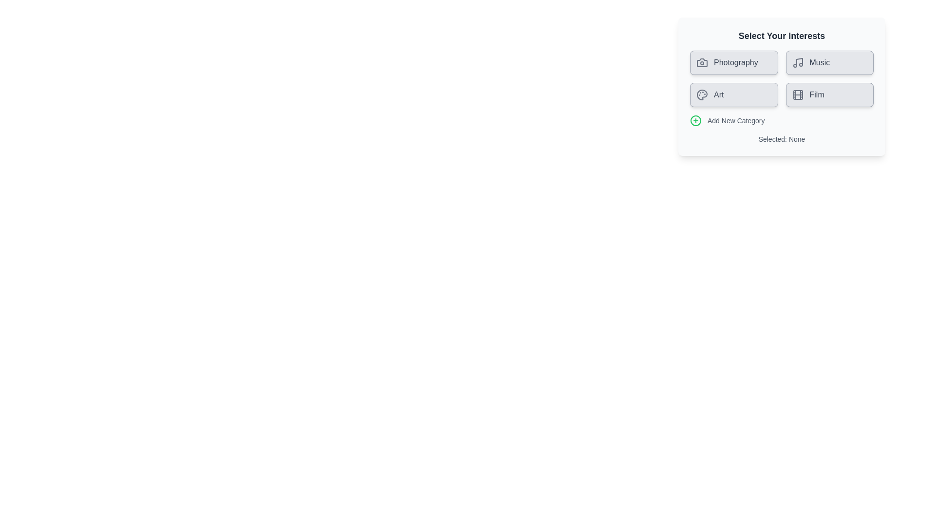  Describe the element at coordinates (829, 62) in the screenshot. I see `the category chip labeled Music` at that location.